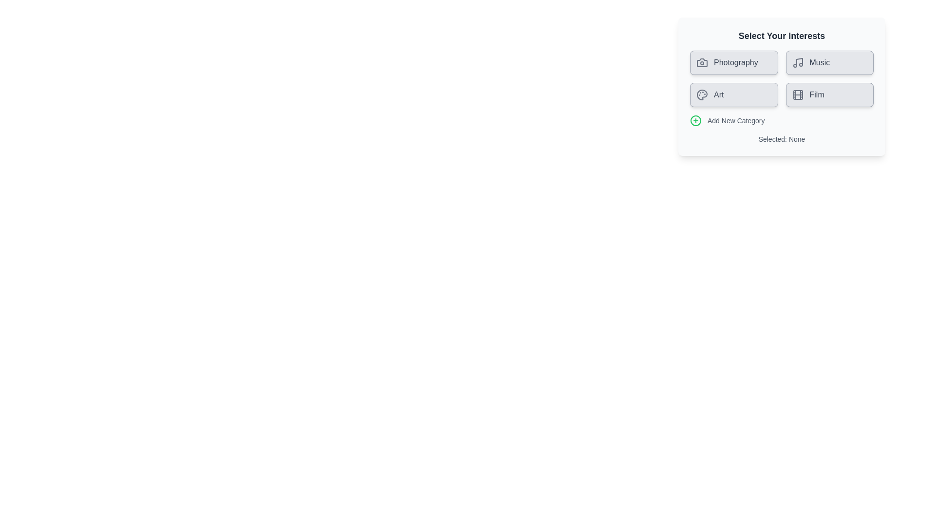  Describe the element at coordinates (829, 62) in the screenshot. I see `the category chip labeled Music` at that location.